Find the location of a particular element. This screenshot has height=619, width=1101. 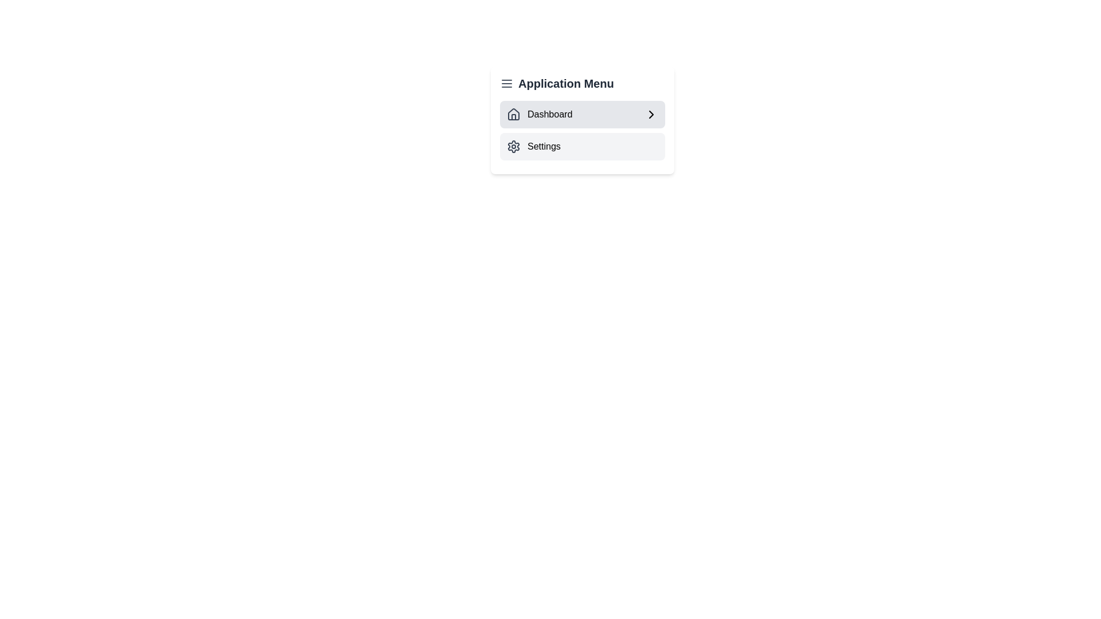

the right-pointing chevron icon in the 'Dashboard' menu is located at coordinates (651, 115).